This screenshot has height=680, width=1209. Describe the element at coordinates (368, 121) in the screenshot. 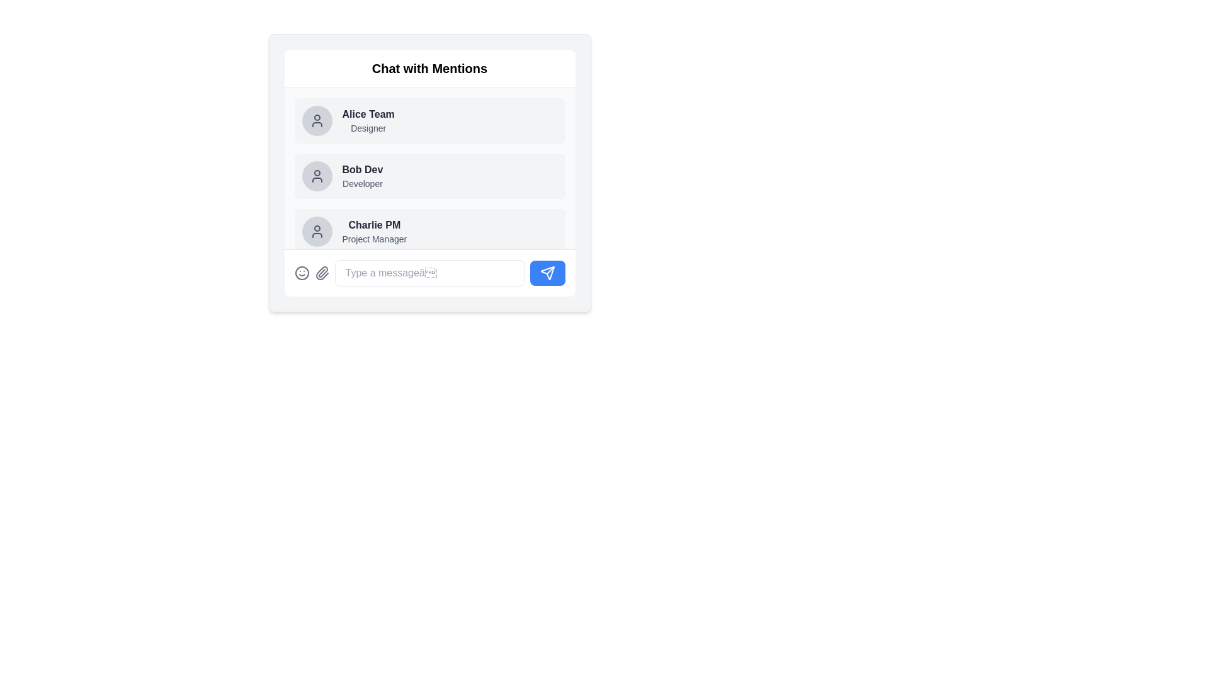

I see `the 'Alice Team' text label which identifies the user as 'Designer' for options` at that location.